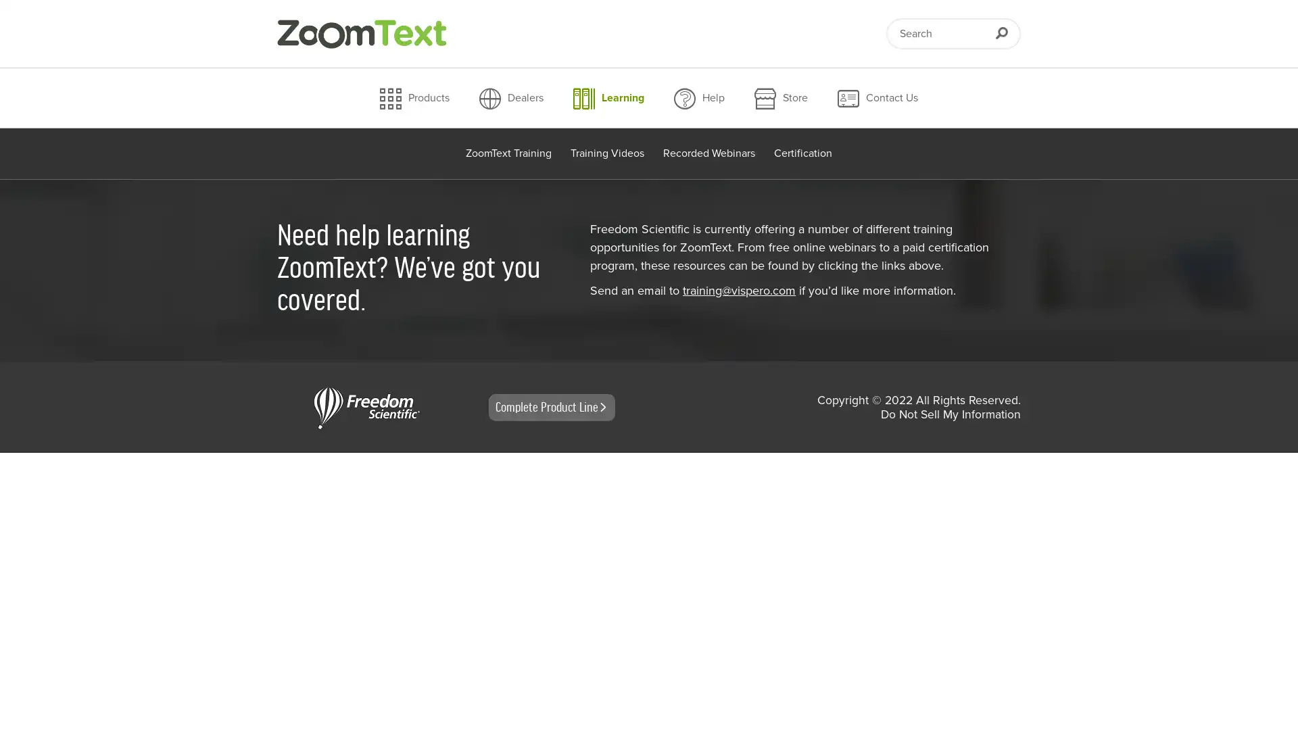 Image resolution: width=1298 pixels, height=730 pixels. I want to click on Click to submit your site search, so click(1001, 32).